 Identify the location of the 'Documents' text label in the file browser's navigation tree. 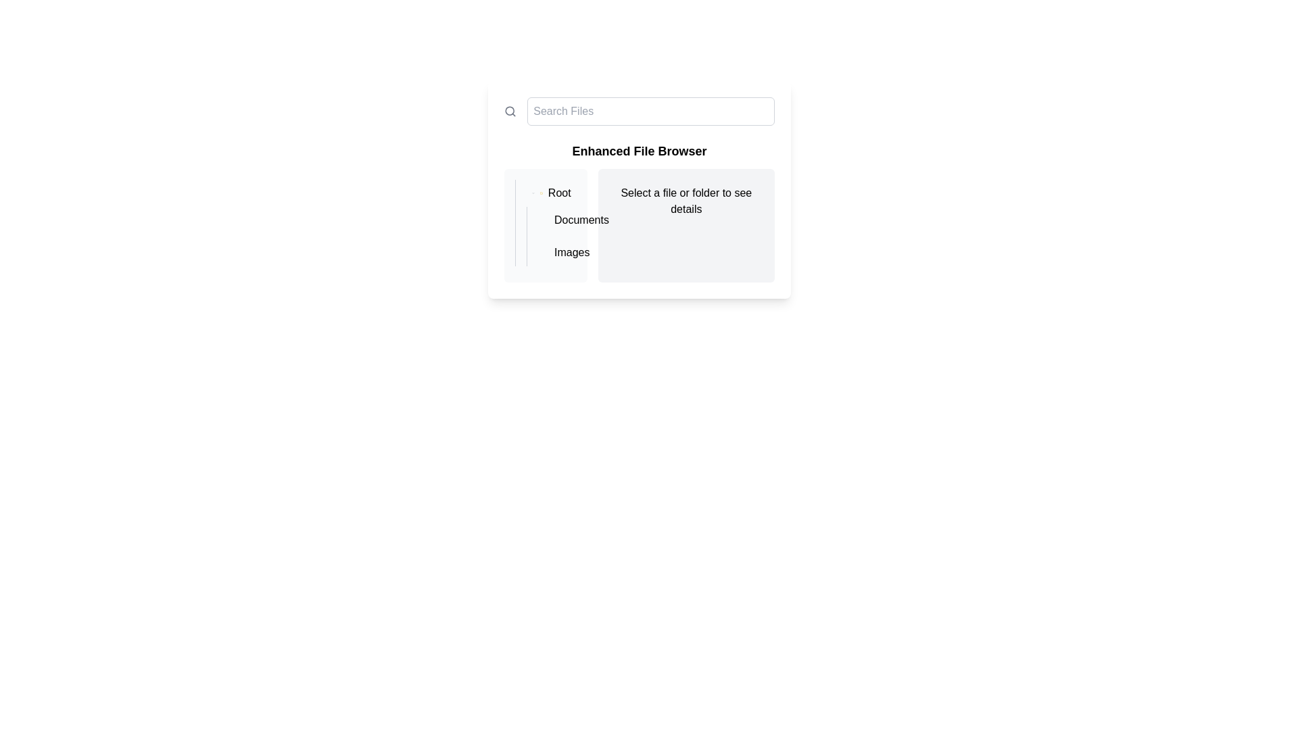
(581, 220).